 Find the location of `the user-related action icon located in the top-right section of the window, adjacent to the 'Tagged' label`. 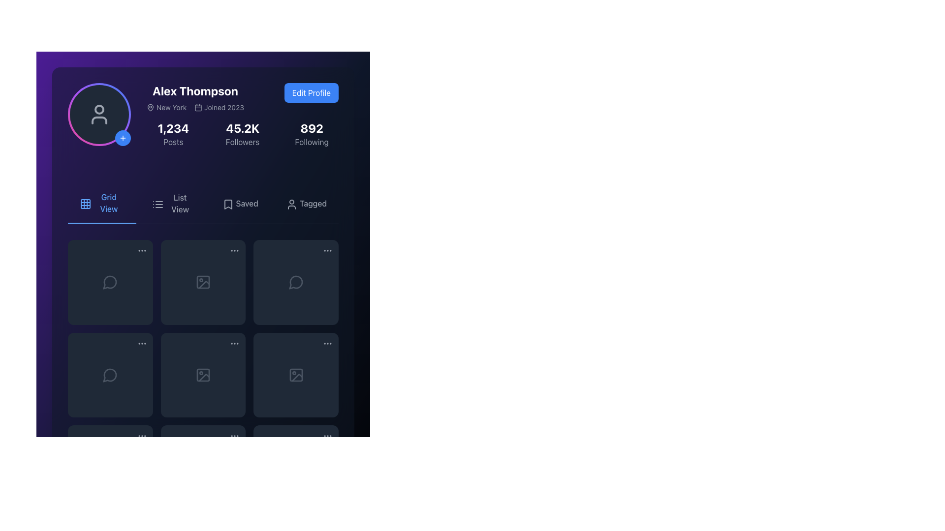

the user-related action icon located in the top-right section of the window, adjacent to the 'Tagged' label is located at coordinates (291, 204).